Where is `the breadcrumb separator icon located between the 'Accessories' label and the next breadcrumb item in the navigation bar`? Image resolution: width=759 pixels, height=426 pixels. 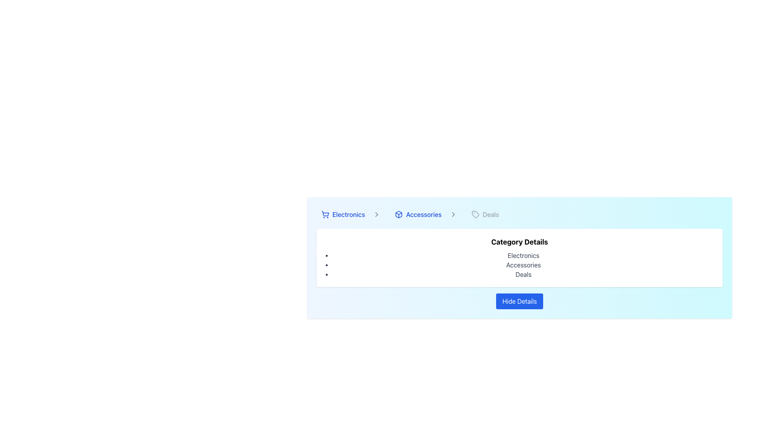 the breadcrumb separator icon located between the 'Accessories' label and the next breadcrumb item in the navigation bar is located at coordinates (376, 214).